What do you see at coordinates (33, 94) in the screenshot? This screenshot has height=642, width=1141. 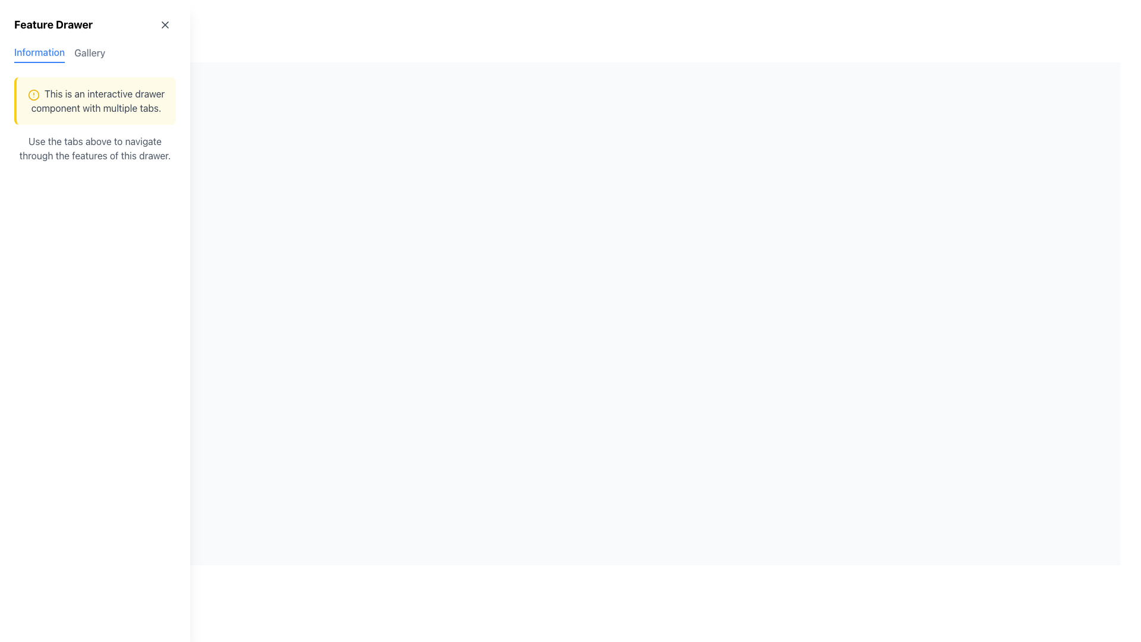 I see `the alert icon element located at the left side of the notification block` at bounding box center [33, 94].